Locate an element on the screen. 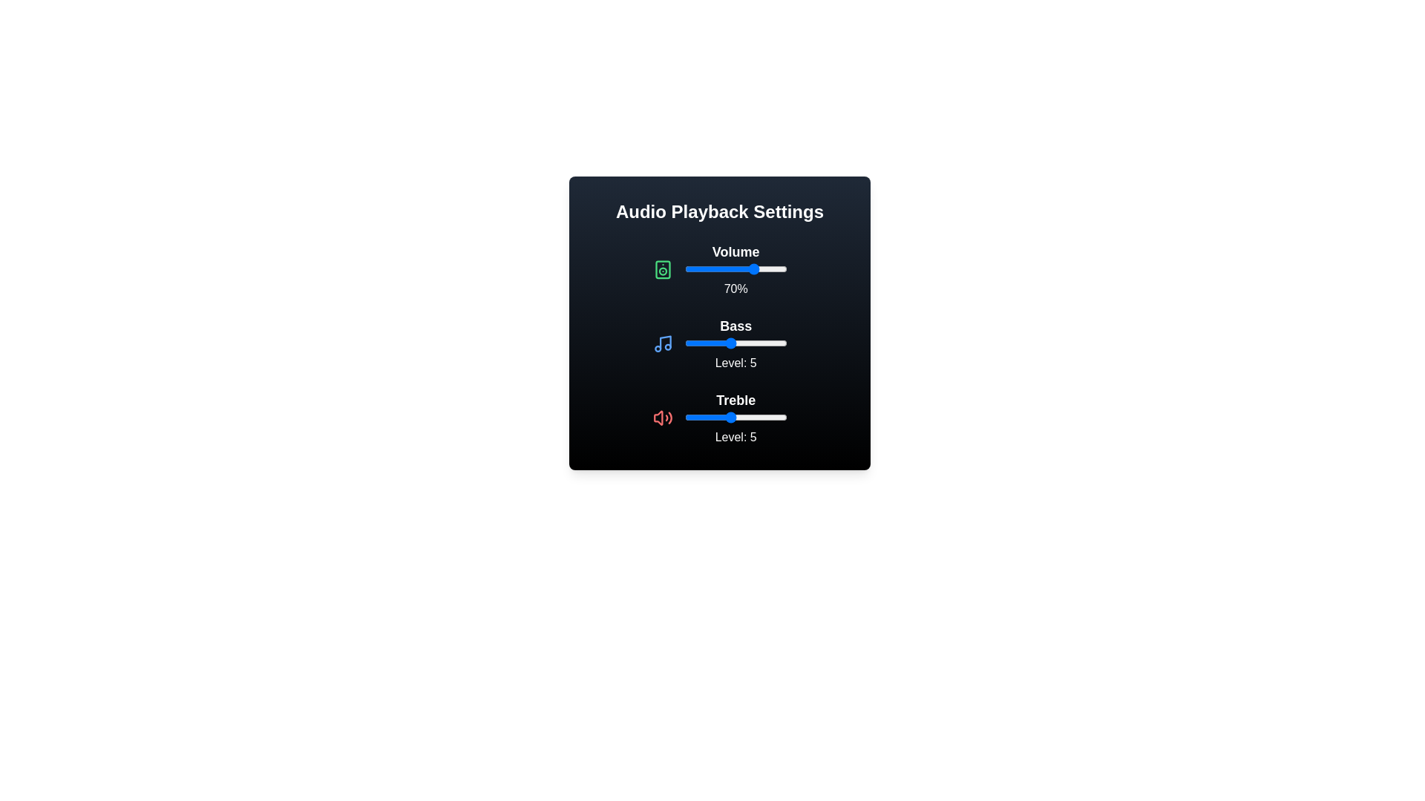  bass level is located at coordinates (741, 343).